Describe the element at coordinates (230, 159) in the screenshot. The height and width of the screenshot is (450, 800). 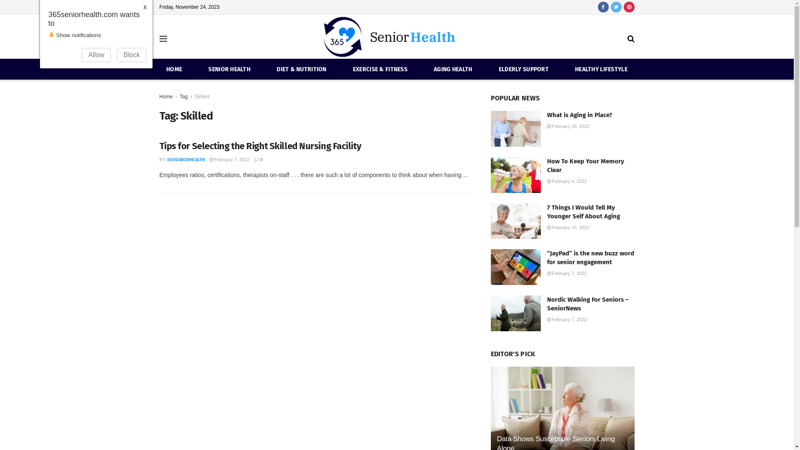
I see `'February 7, 2022'` at that location.